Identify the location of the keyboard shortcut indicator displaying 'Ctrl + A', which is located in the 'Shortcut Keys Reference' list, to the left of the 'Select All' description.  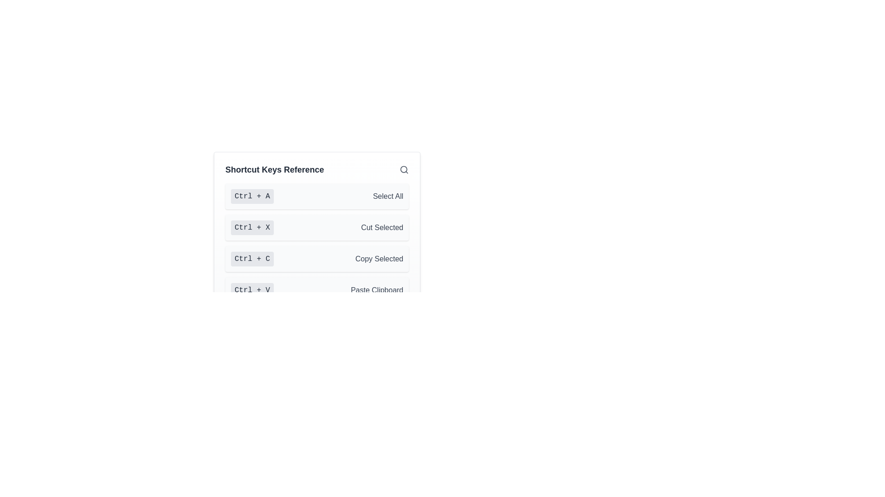
(252, 196).